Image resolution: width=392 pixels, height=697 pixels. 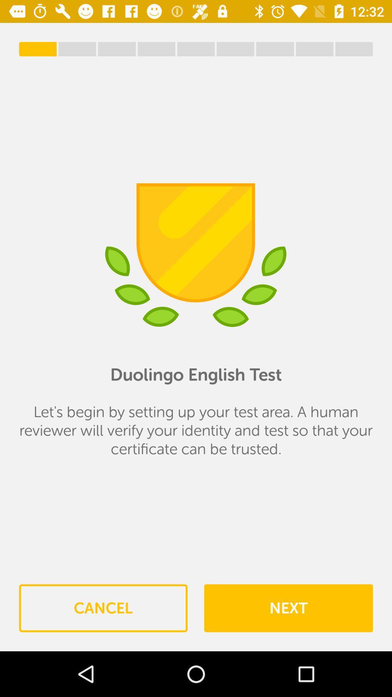 I want to click on item to the right of cancel icon, so click(x=288, y=608).